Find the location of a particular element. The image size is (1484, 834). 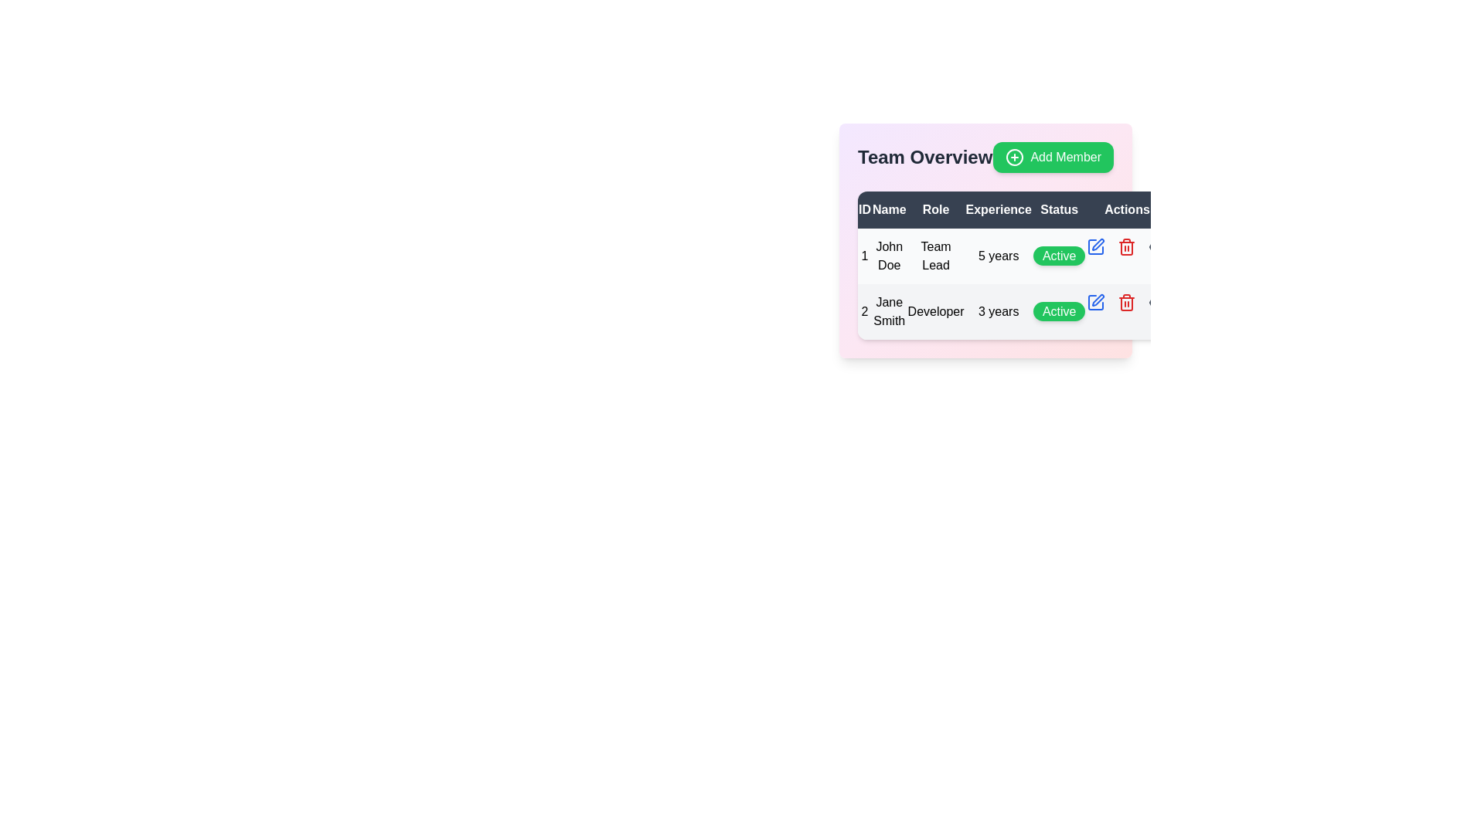

the pen icon button, which is the leftmost action icon in the first row of the actions column of the table is located at coordinates (1095, 246).